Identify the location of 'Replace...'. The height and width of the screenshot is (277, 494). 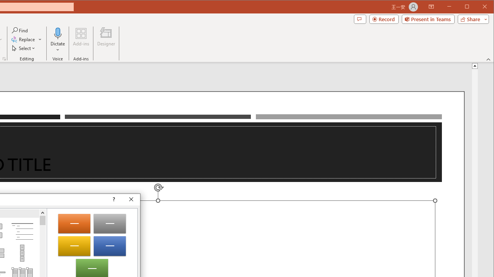
(27, 39).